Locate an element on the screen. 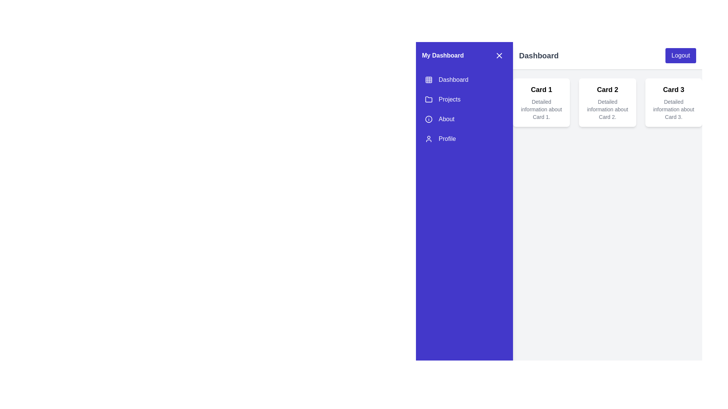 This screenshot has height=409, width=728. the dashboard icon in the top-left of the side navigation panel is located at coordinates (429, 80).